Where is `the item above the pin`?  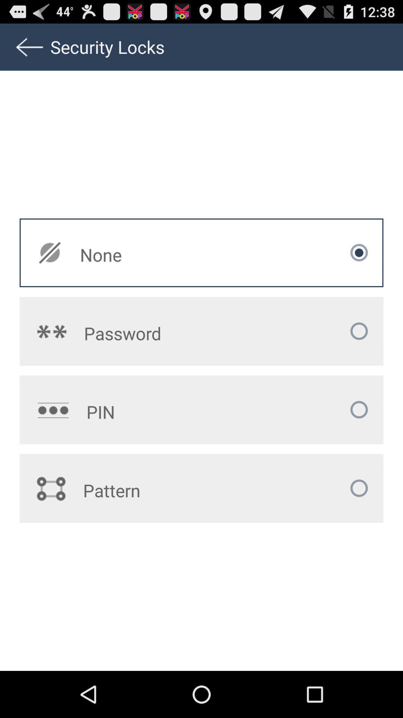 the item above the pin is located at coordinates (157, 333).